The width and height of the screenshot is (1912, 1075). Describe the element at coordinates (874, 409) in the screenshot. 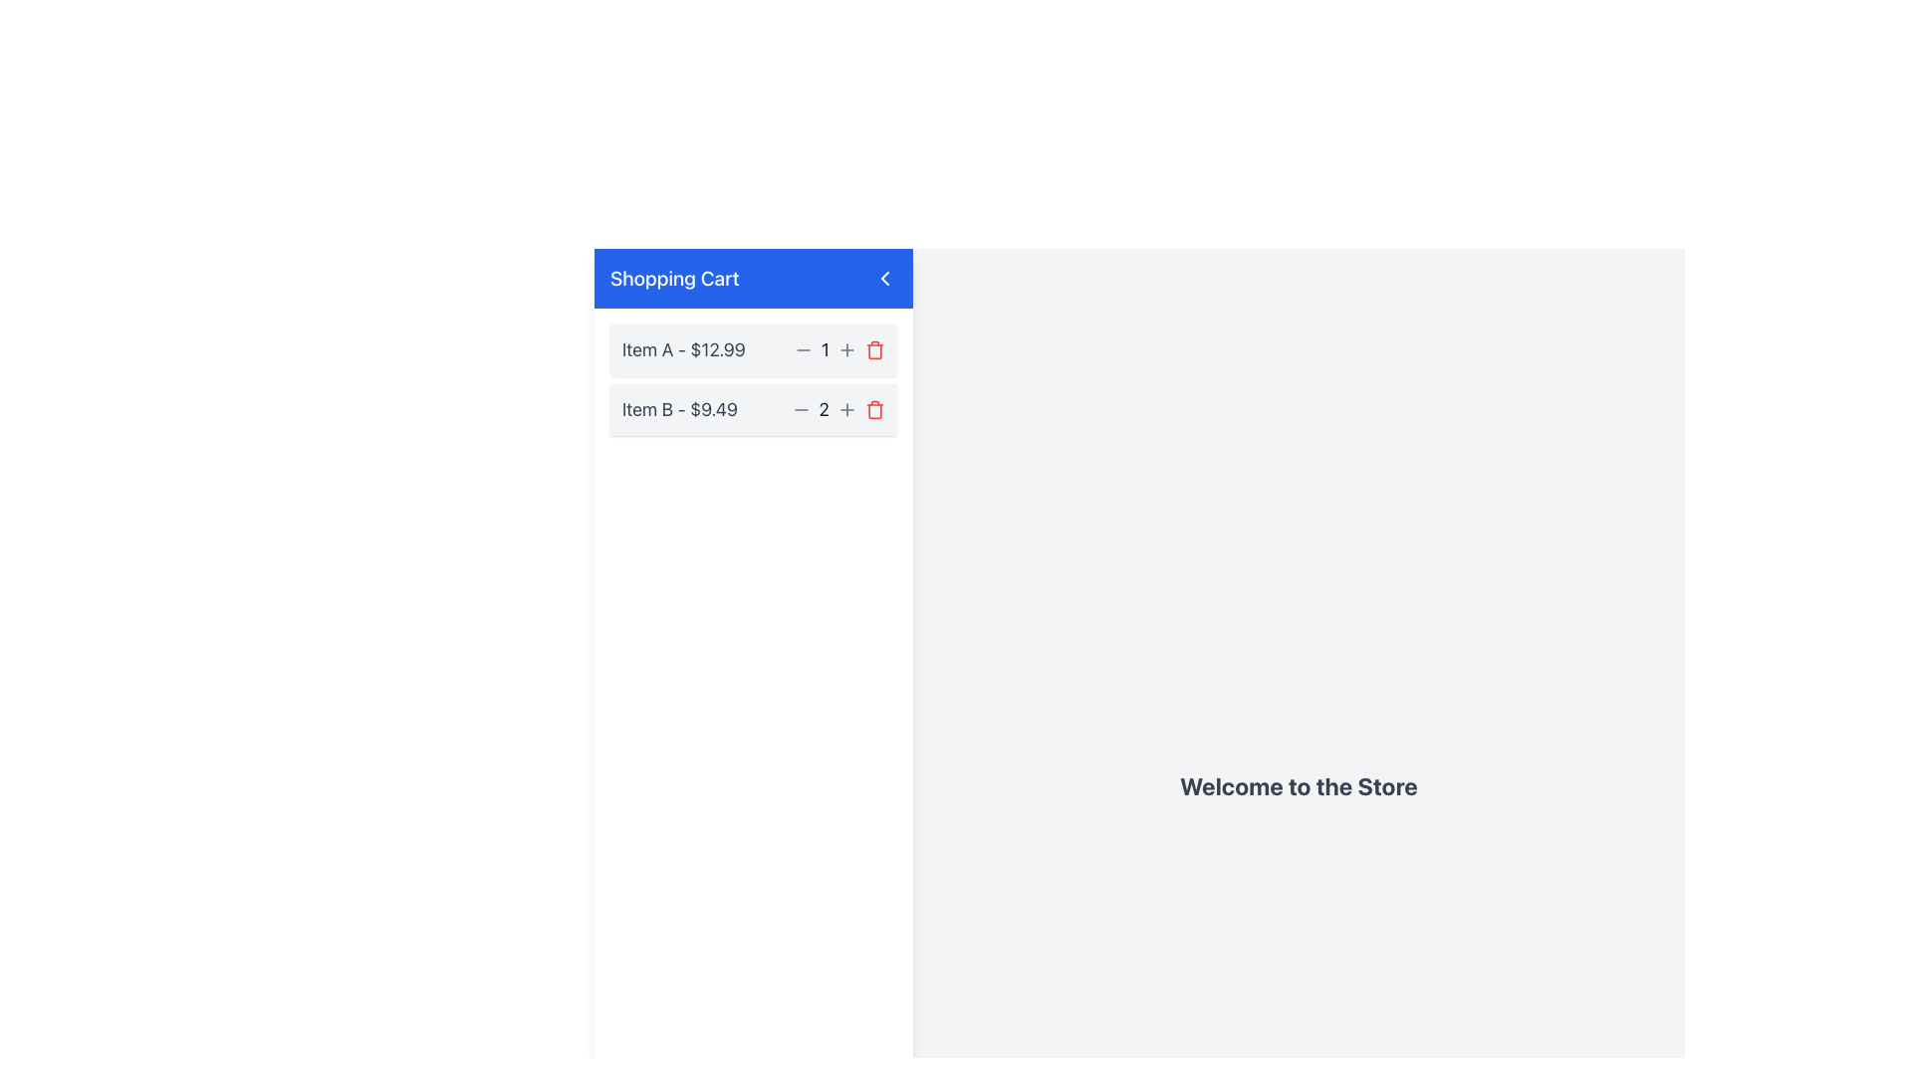

I see `the trash can icon located near the right edge of the shopping cart item for 'Item B' to initiate a delete action` at that location.